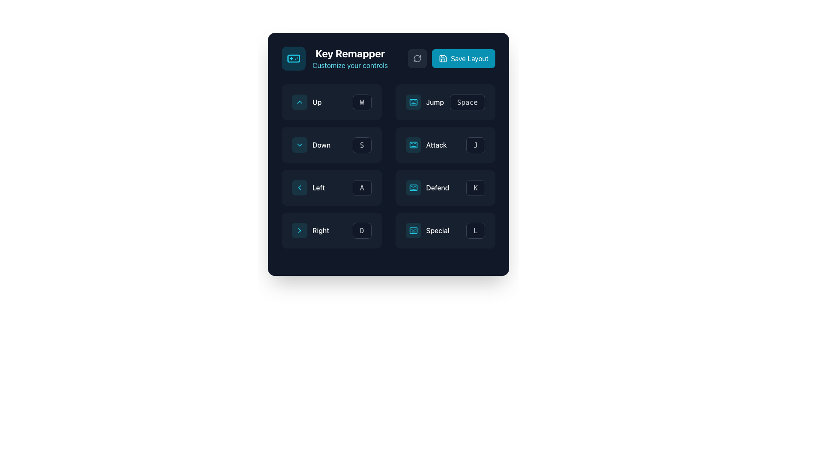 The image size is (822, 462). Describe the element at coordinates (443, 58) in the screenshot. I see `the save icon located in the upper-right corner of the interface, which is part of the 'Save Layout' button with a blue background` at that location.